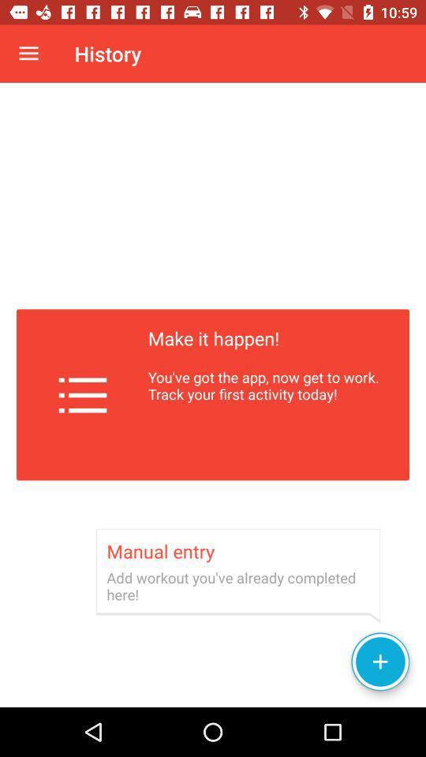 This screenshot has height=757, width=426. What do you see at coordinates (213, 394) in the screenshot?
I see `seeing in the paragraph` at bounding box center [213, 394].